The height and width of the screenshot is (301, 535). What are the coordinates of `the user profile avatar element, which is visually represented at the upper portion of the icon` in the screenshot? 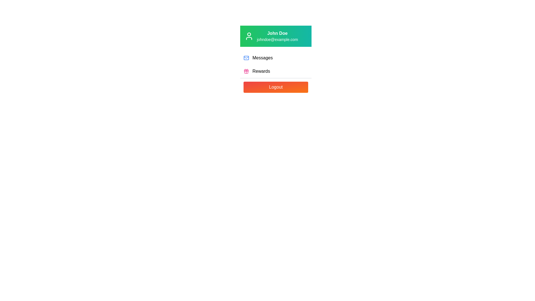 It's located at (249, 34).